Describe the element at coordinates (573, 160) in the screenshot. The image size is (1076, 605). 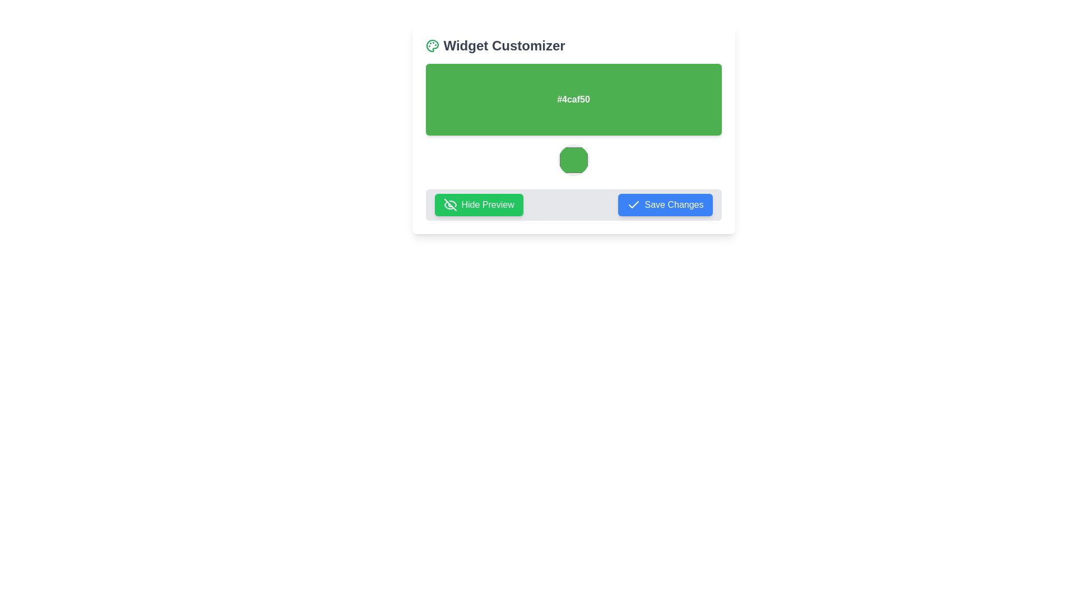
I see `the circular green button located centrally beneath the larger green box labeled '#4caf50'` at that location.